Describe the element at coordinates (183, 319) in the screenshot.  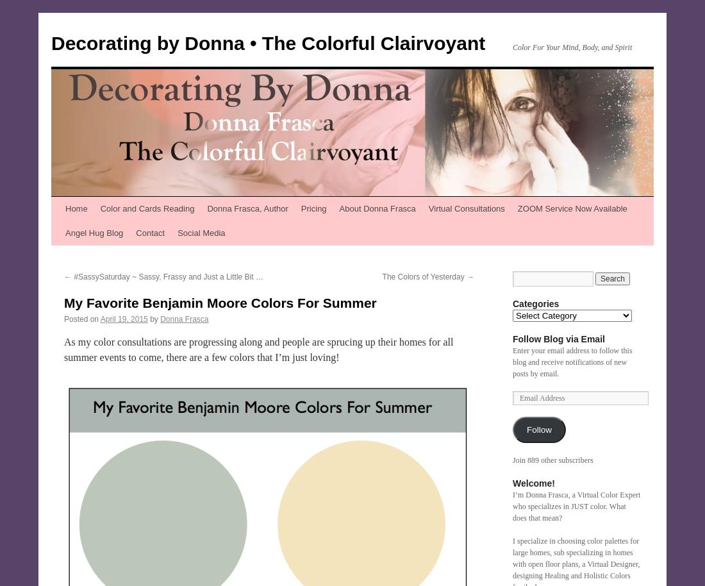
I see `'Donna Frasca'` at that location.